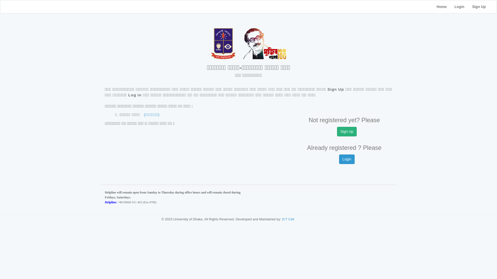 This screenshot has height=279, width=497. Describe the element at coordinates (482, 7) in the screenshot. I see `'Sign Up       '` at that location.